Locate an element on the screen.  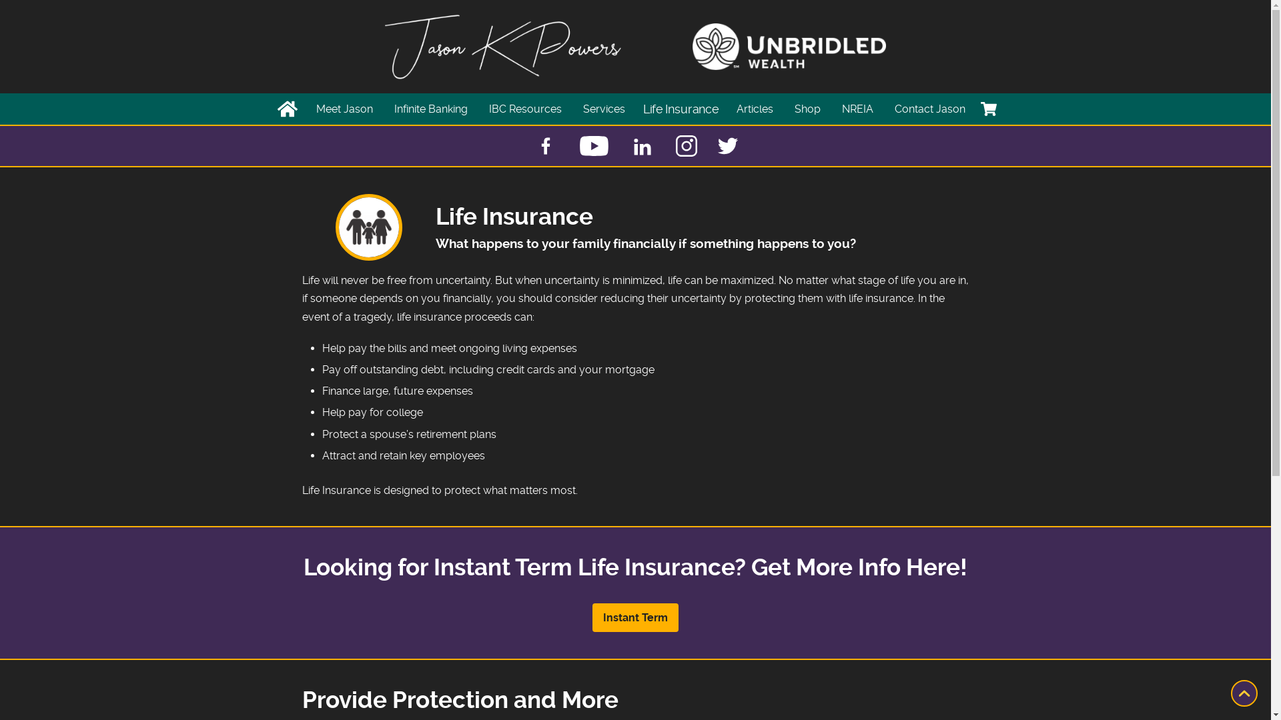
'Articles' is located at coordinates (755, 108).